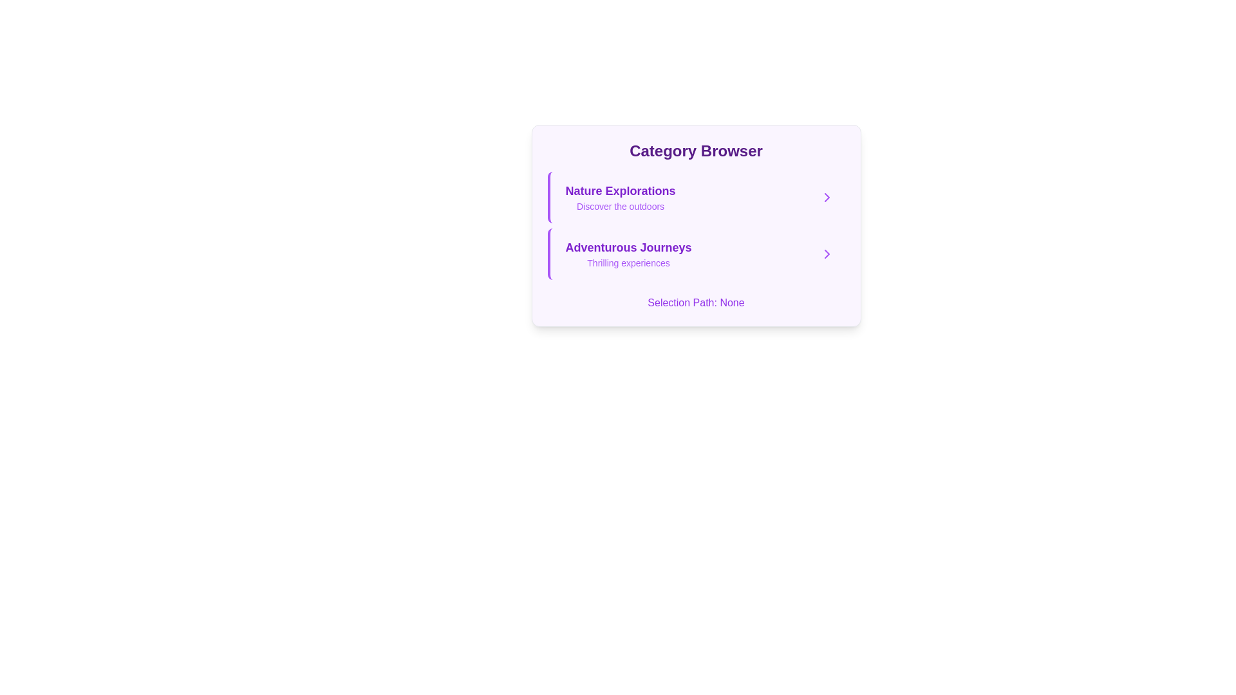 This screenshot has height=695, width=1236. What do you see at coordinates (827, 254) in the screenshot?
I see `the navigation icon/button located to the far right of the 'Adventurous Journeys' entry with the subtitle 'Thrilling experiences'` at bounding box center [827, 254].